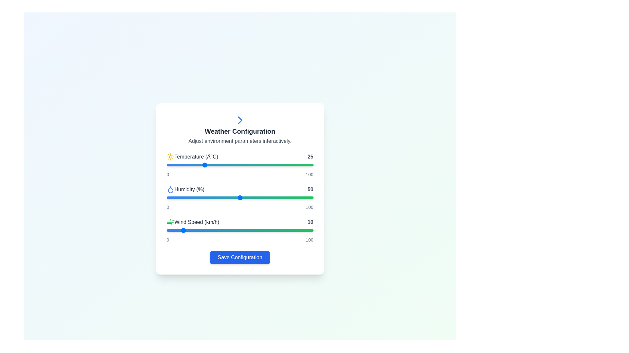  What do you see at coordinates (247, 197) in the screenshot?
I see `the slider value` at bounding box center [247, 197].